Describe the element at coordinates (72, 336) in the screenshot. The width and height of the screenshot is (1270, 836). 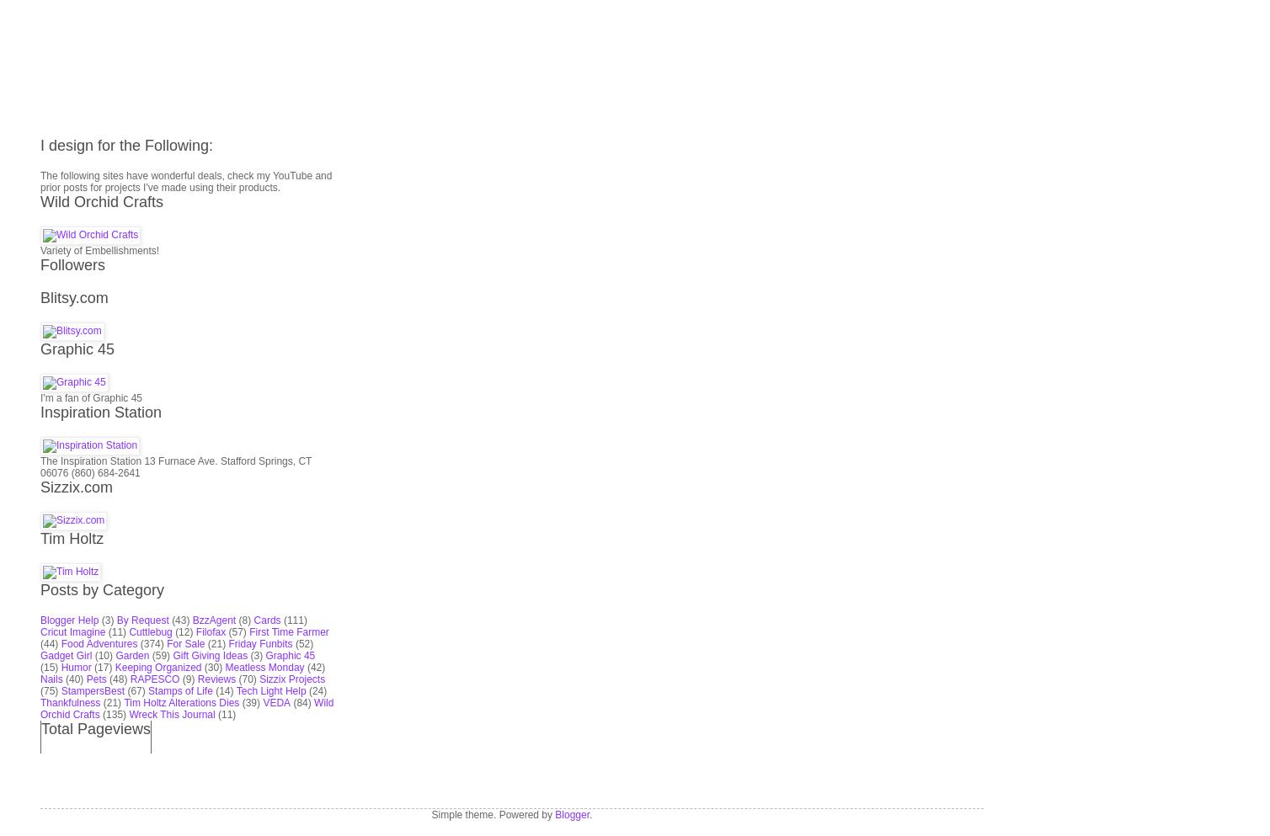
I see `'Tim Holtz'` at that location.